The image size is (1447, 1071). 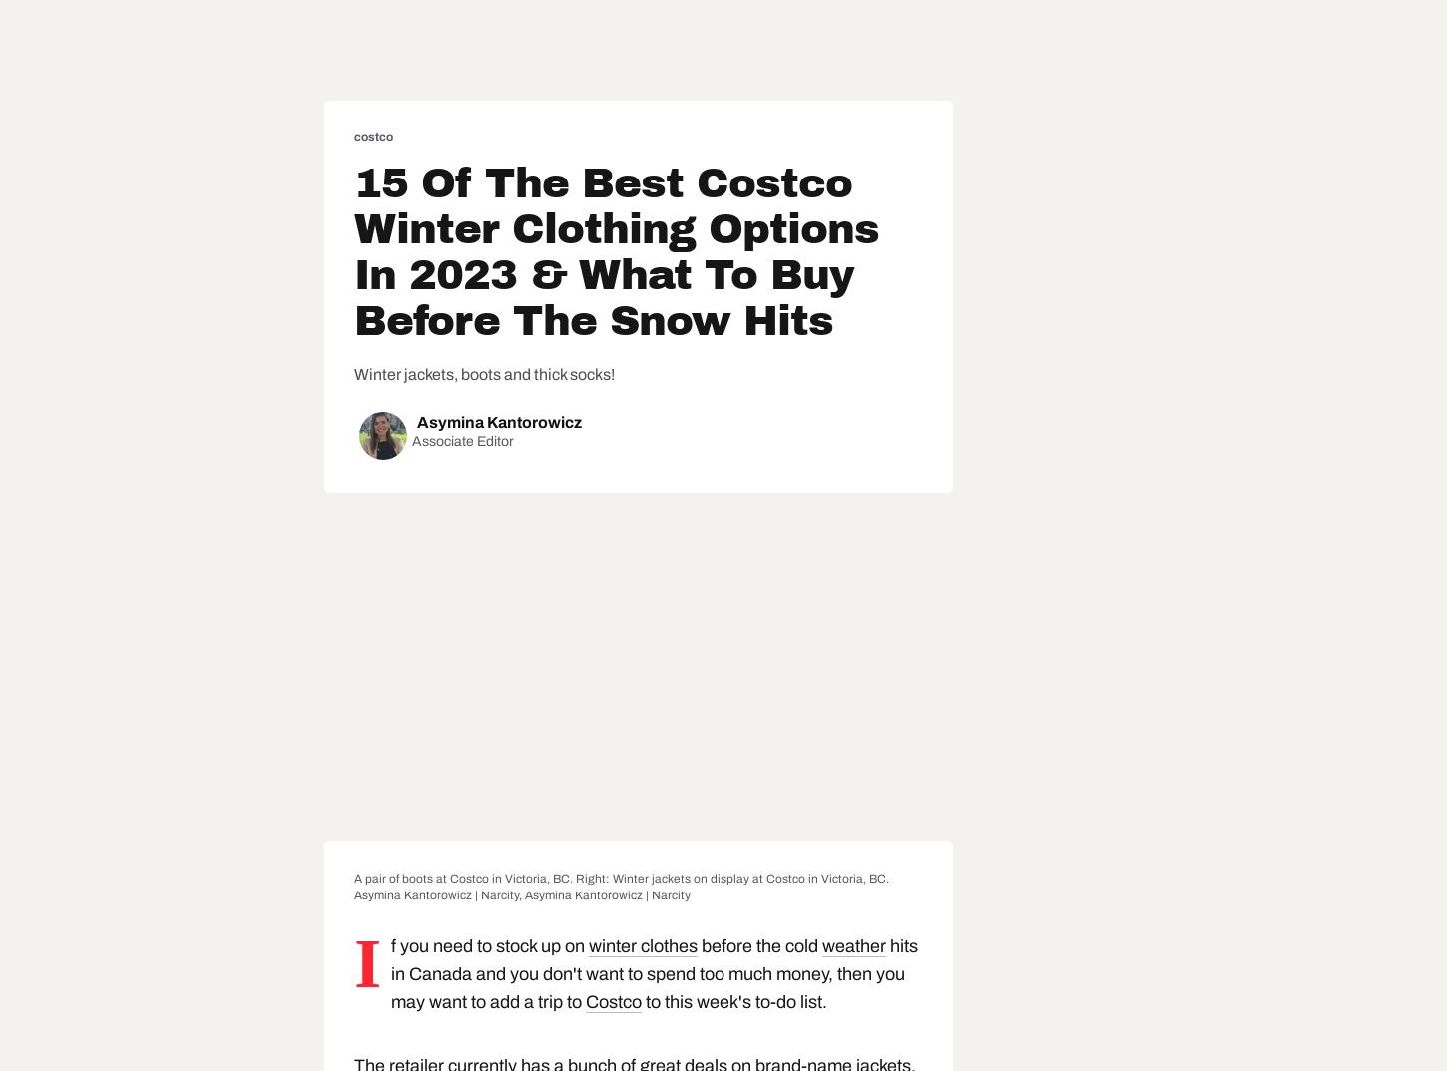 I want to click on 'hits in Canada and you don't want to spend too much money, then you may want to add a trip to', so click(x=389, y=973).